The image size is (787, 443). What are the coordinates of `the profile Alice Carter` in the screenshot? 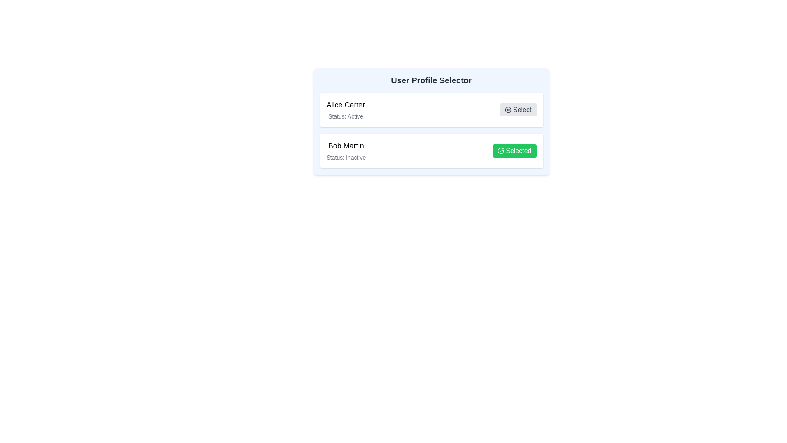 It's located at (517, 109).